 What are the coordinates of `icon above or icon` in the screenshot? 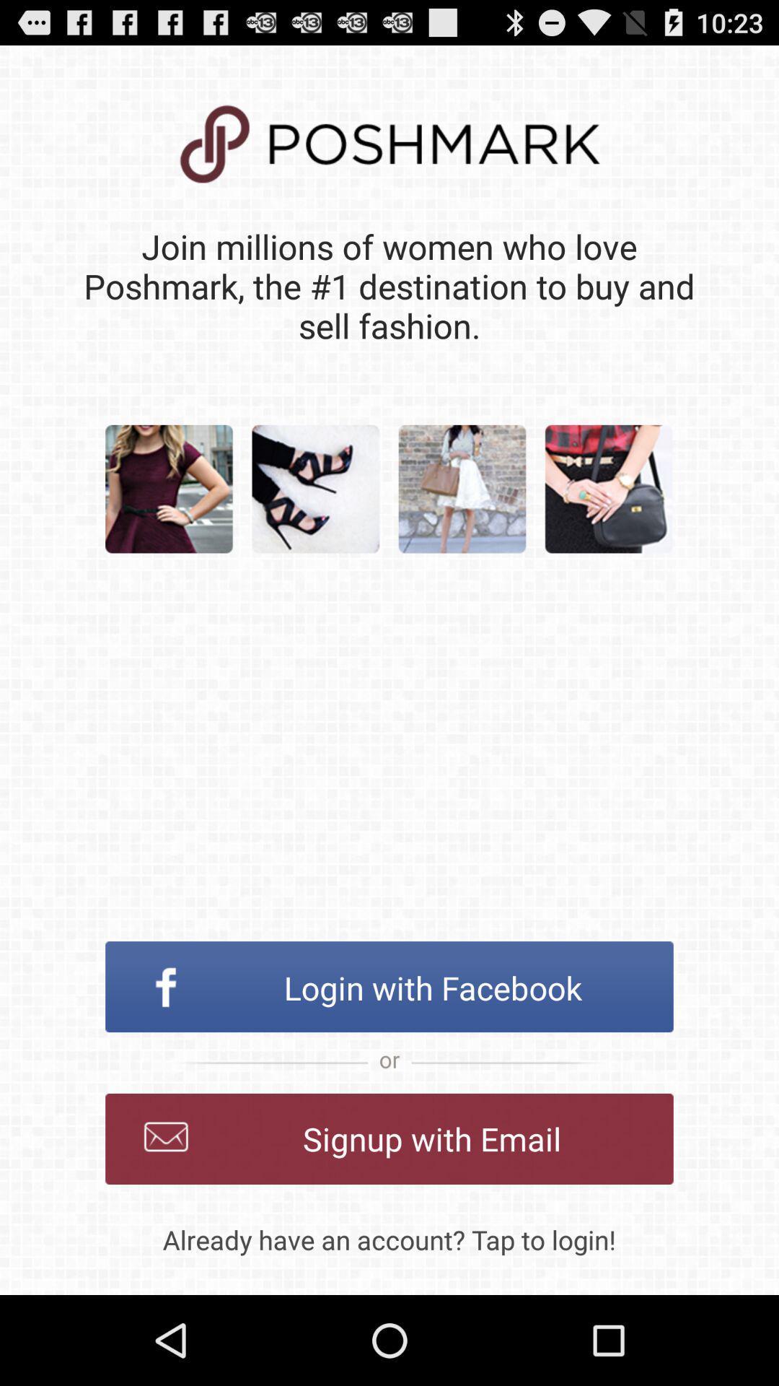 It's located at (389, 986).